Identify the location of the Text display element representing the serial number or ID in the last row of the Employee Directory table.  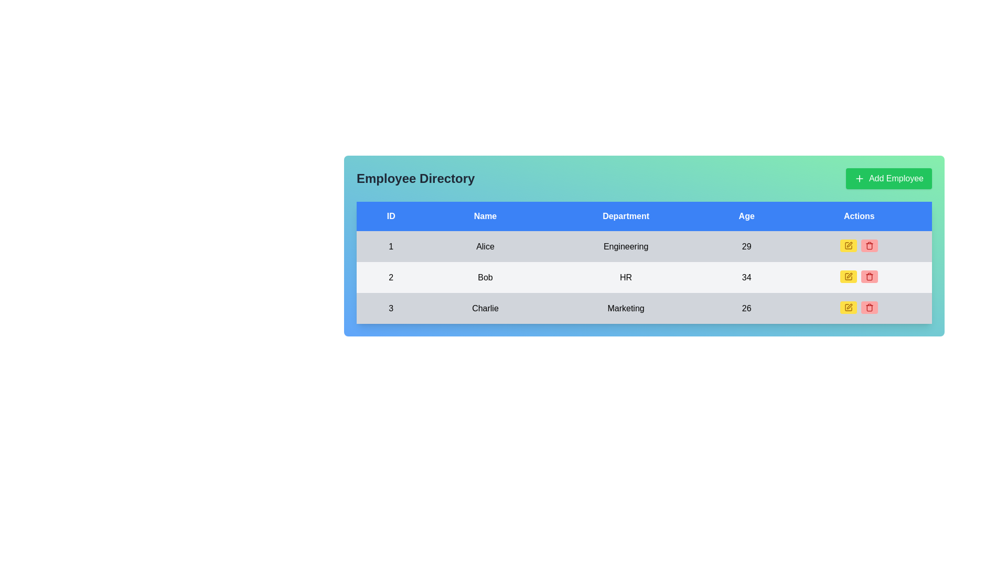
(390, 308).